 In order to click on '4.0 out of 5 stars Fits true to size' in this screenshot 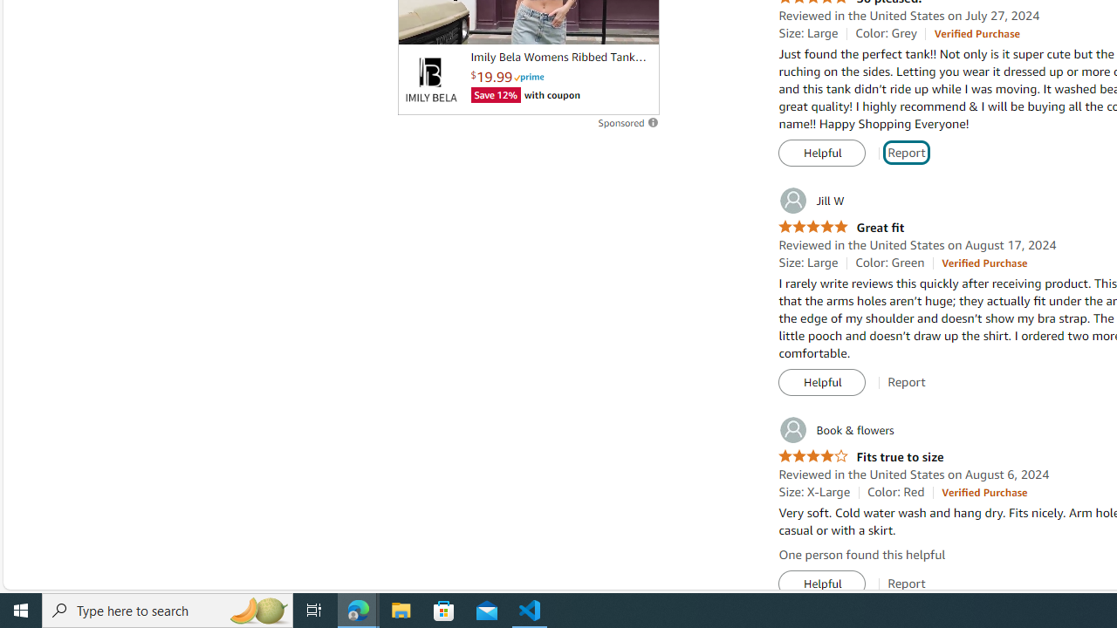, I will do `click(860, 456)`.